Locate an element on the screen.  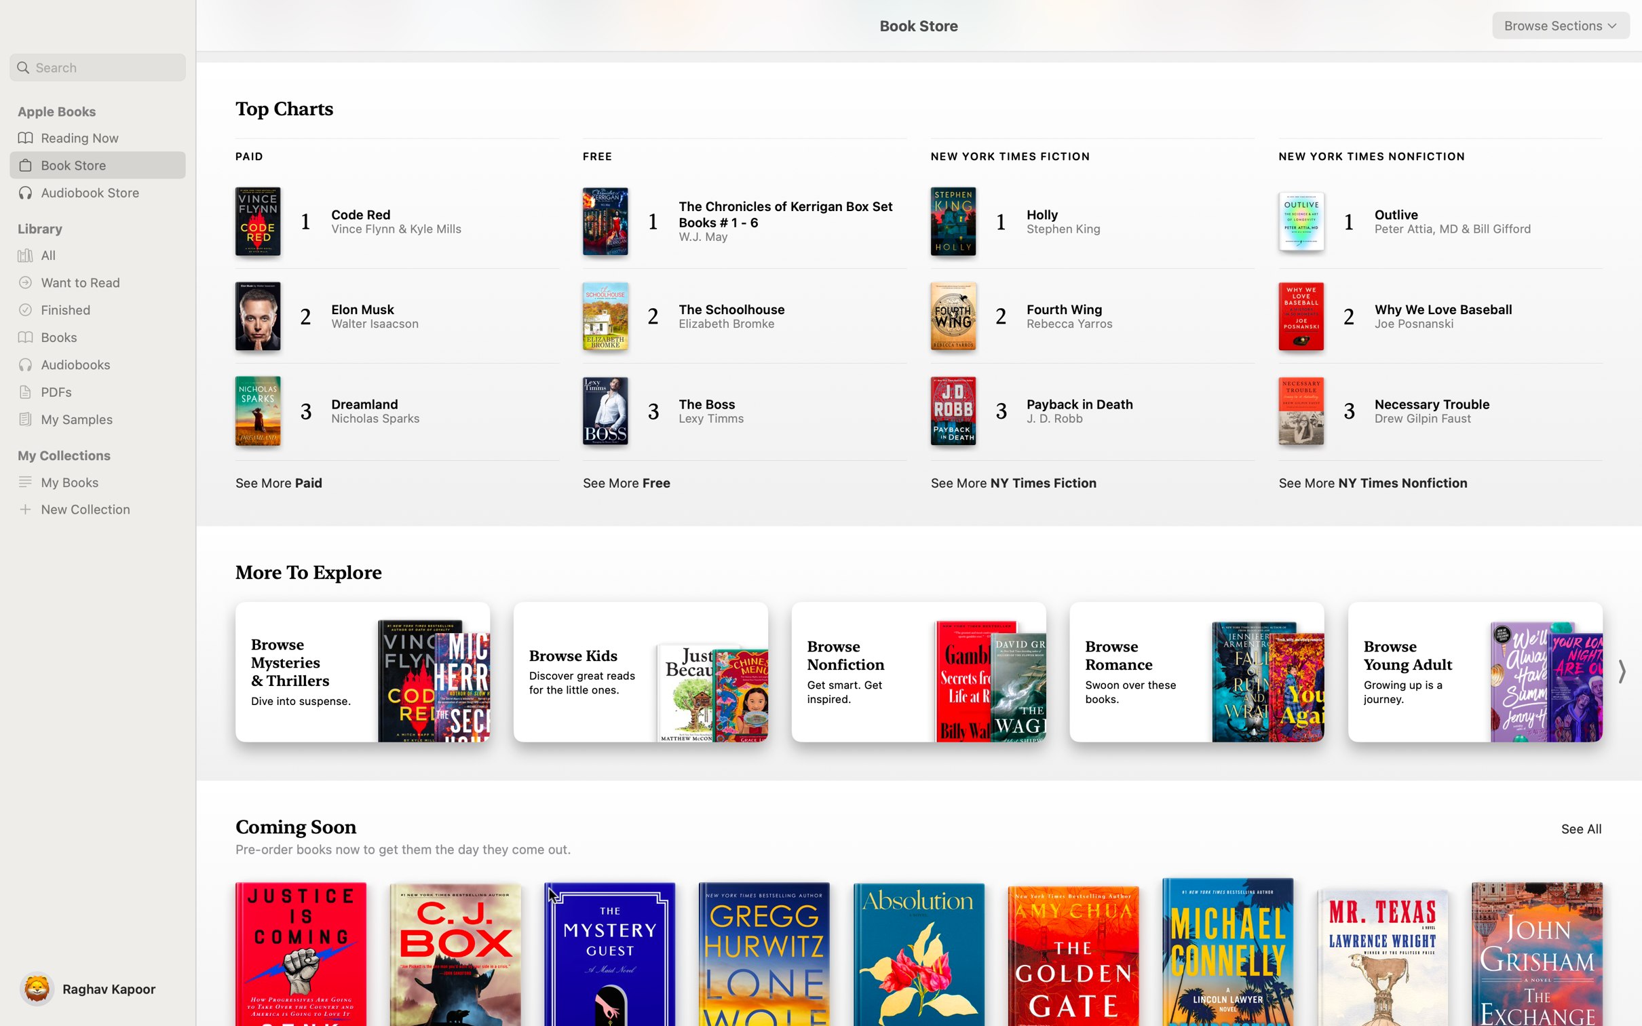
Use the search to find book "Rich dad poor dad is located at coordinates (97, 67).